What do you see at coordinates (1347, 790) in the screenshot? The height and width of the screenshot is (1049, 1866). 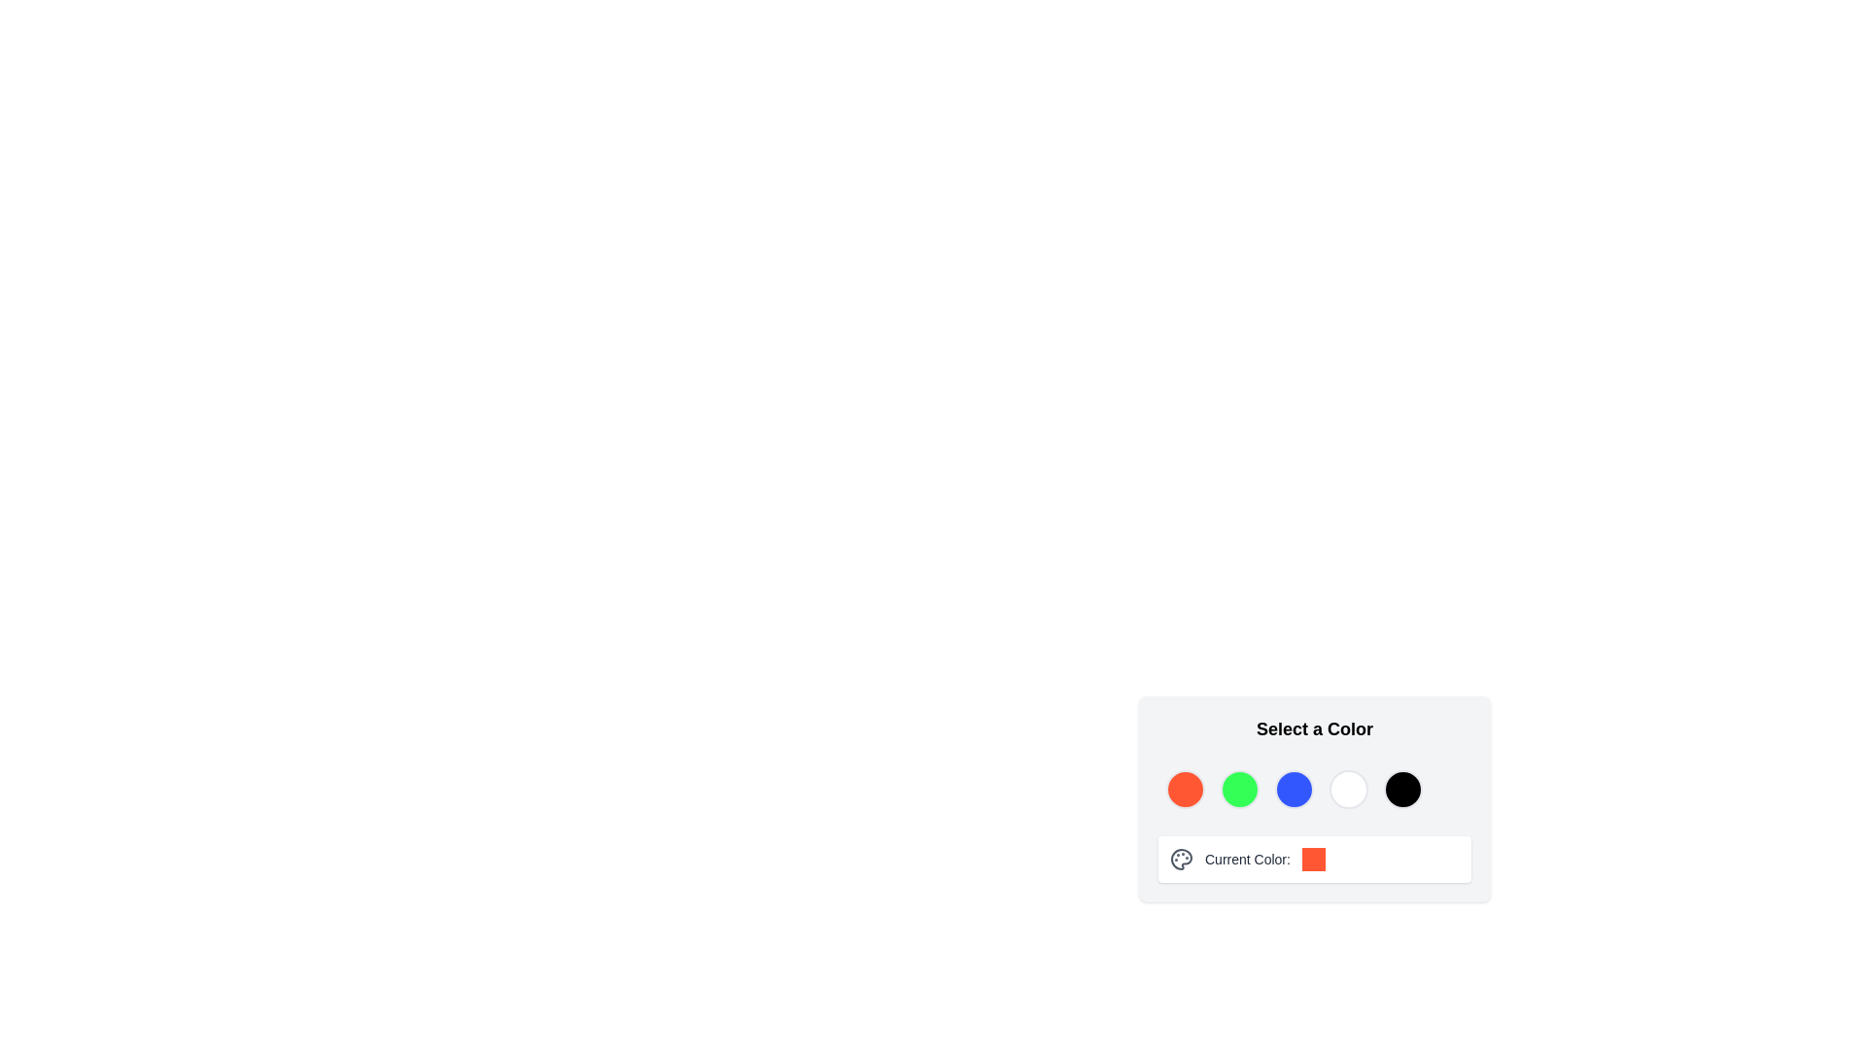 I see `the fourth circular button in the color selection interface, which is uncolored or blank` at bounding box center [1347, 790].